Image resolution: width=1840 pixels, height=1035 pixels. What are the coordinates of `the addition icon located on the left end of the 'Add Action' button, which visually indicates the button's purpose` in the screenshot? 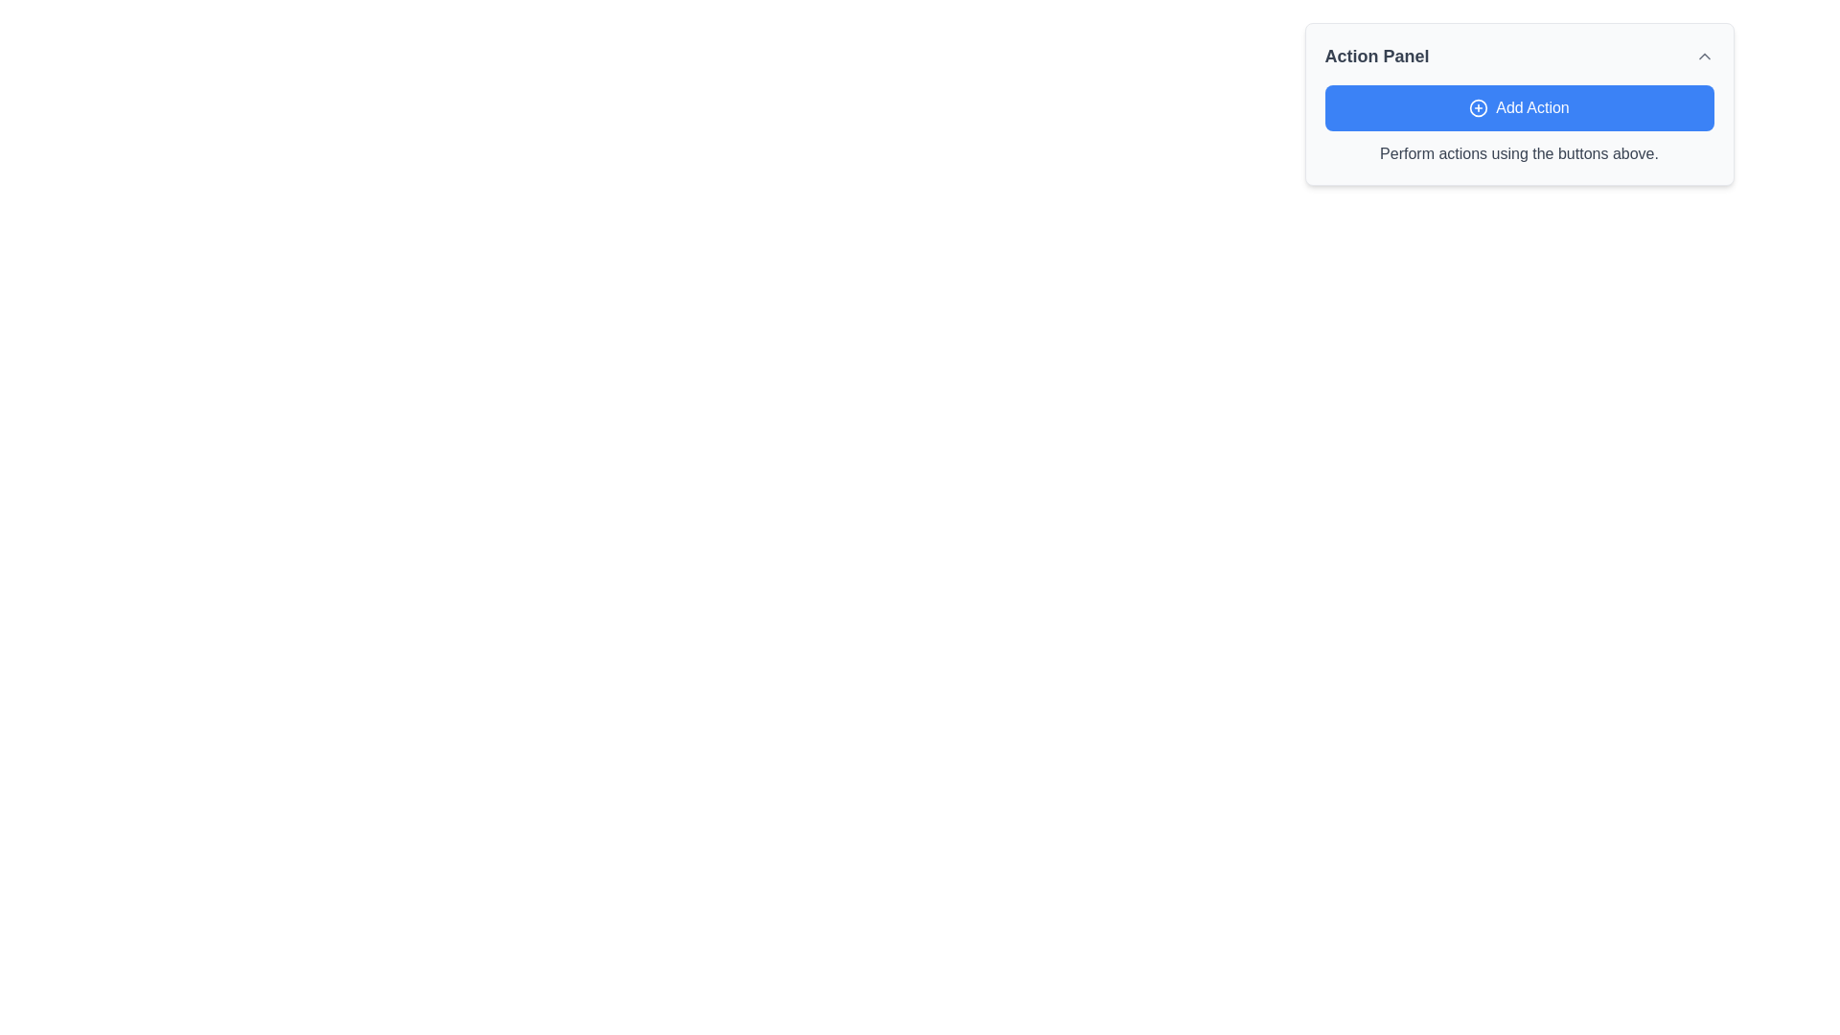 It's located at (1478, 107).